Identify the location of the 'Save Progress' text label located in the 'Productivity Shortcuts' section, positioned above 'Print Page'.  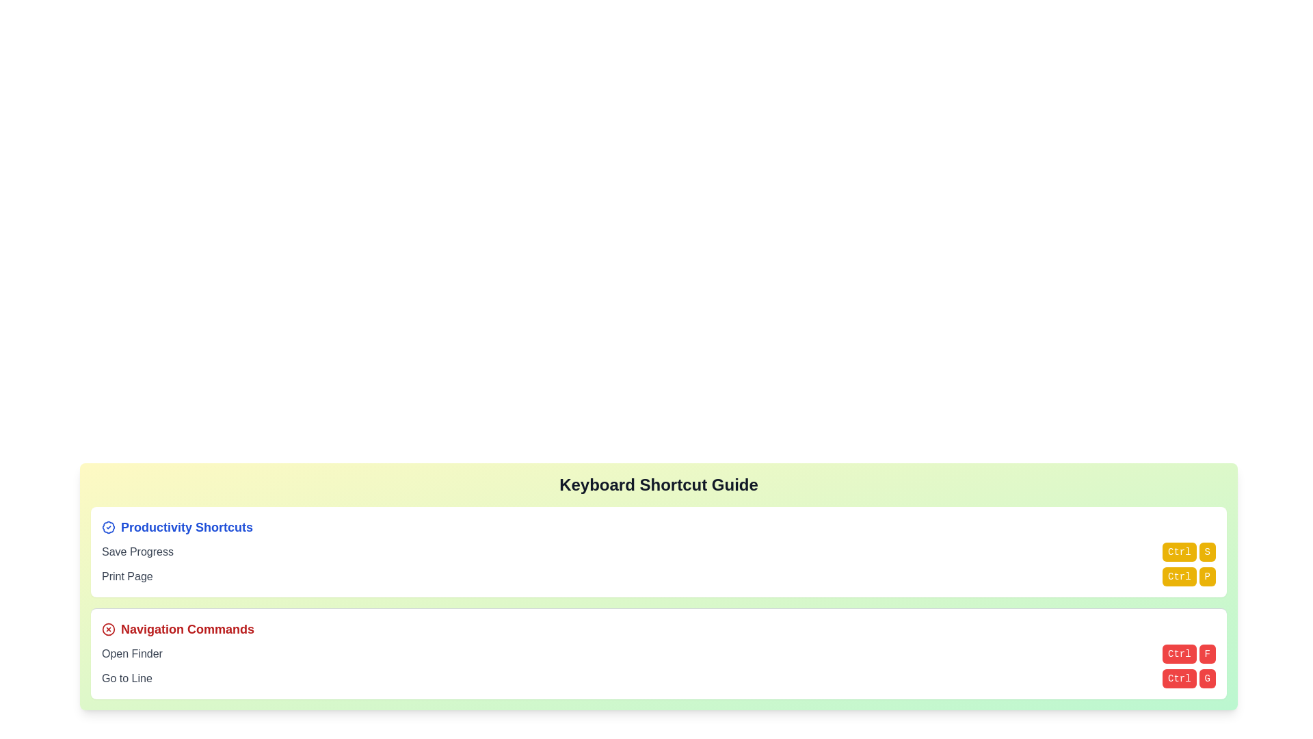
(137, 551).